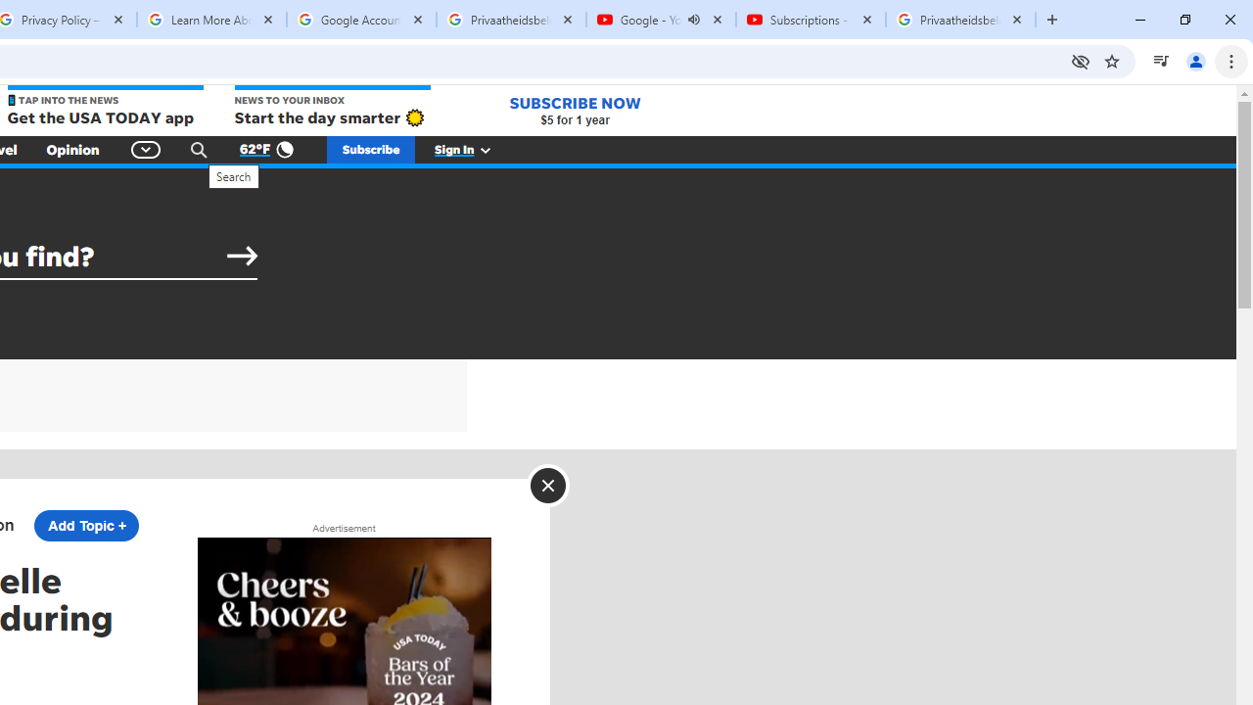  What do you see at coordinates (85, 525) in the screenshot?
I see `'Add Topic'` at bounding box center [85, 525].